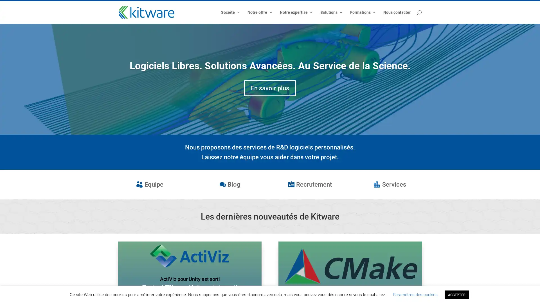  What do you see at coordinates (415, 294) in the screenshot?
I see `Parametres des cookies` at bounding box center [415, 294].